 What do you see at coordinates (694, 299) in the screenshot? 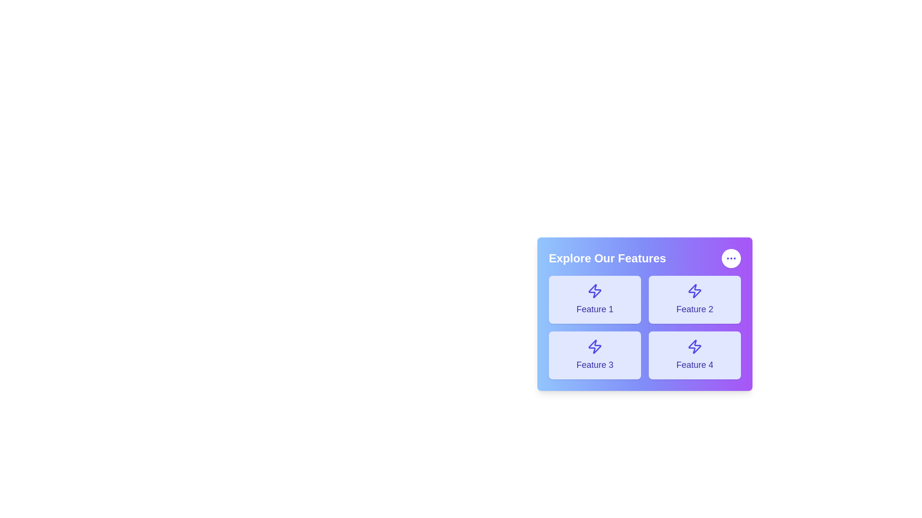
I see `the second card in the grid layout, located in the top-right position, serving as a feature highlight for exploring a specific application feature` at bounding box center [694, 299].